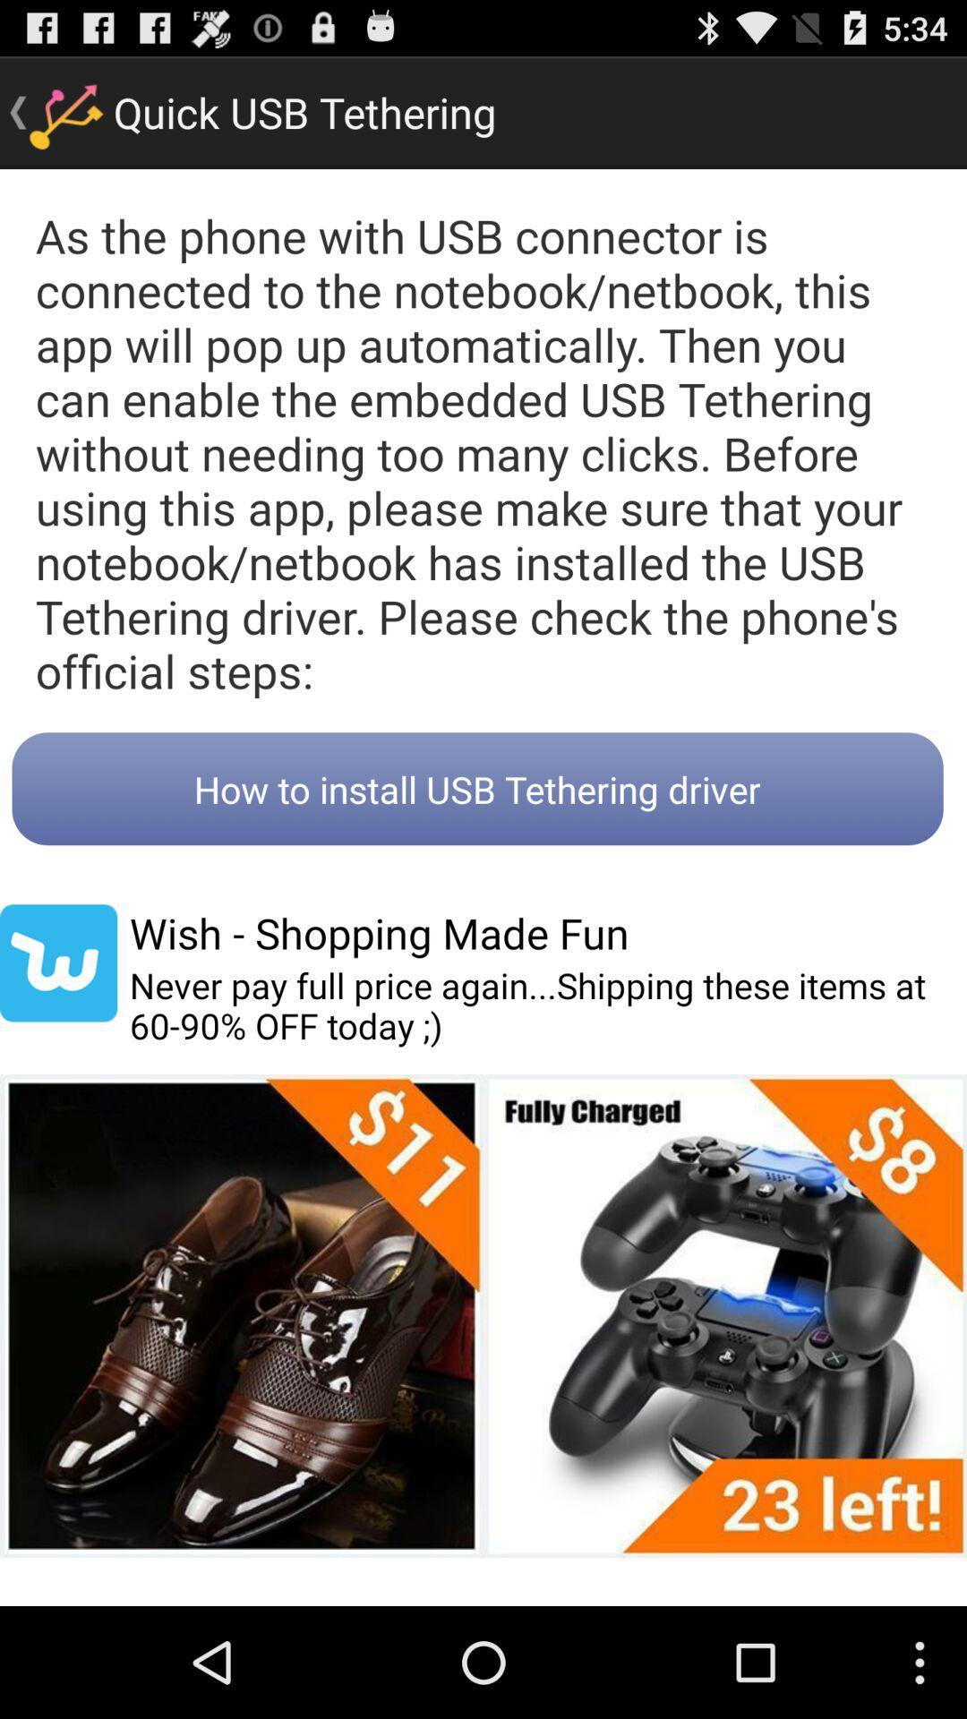 This screenshot has height=1719, width=967. Describe the element at coordinates (378, 932) in the screenshot. I see `the button below the how to install button` at that location.